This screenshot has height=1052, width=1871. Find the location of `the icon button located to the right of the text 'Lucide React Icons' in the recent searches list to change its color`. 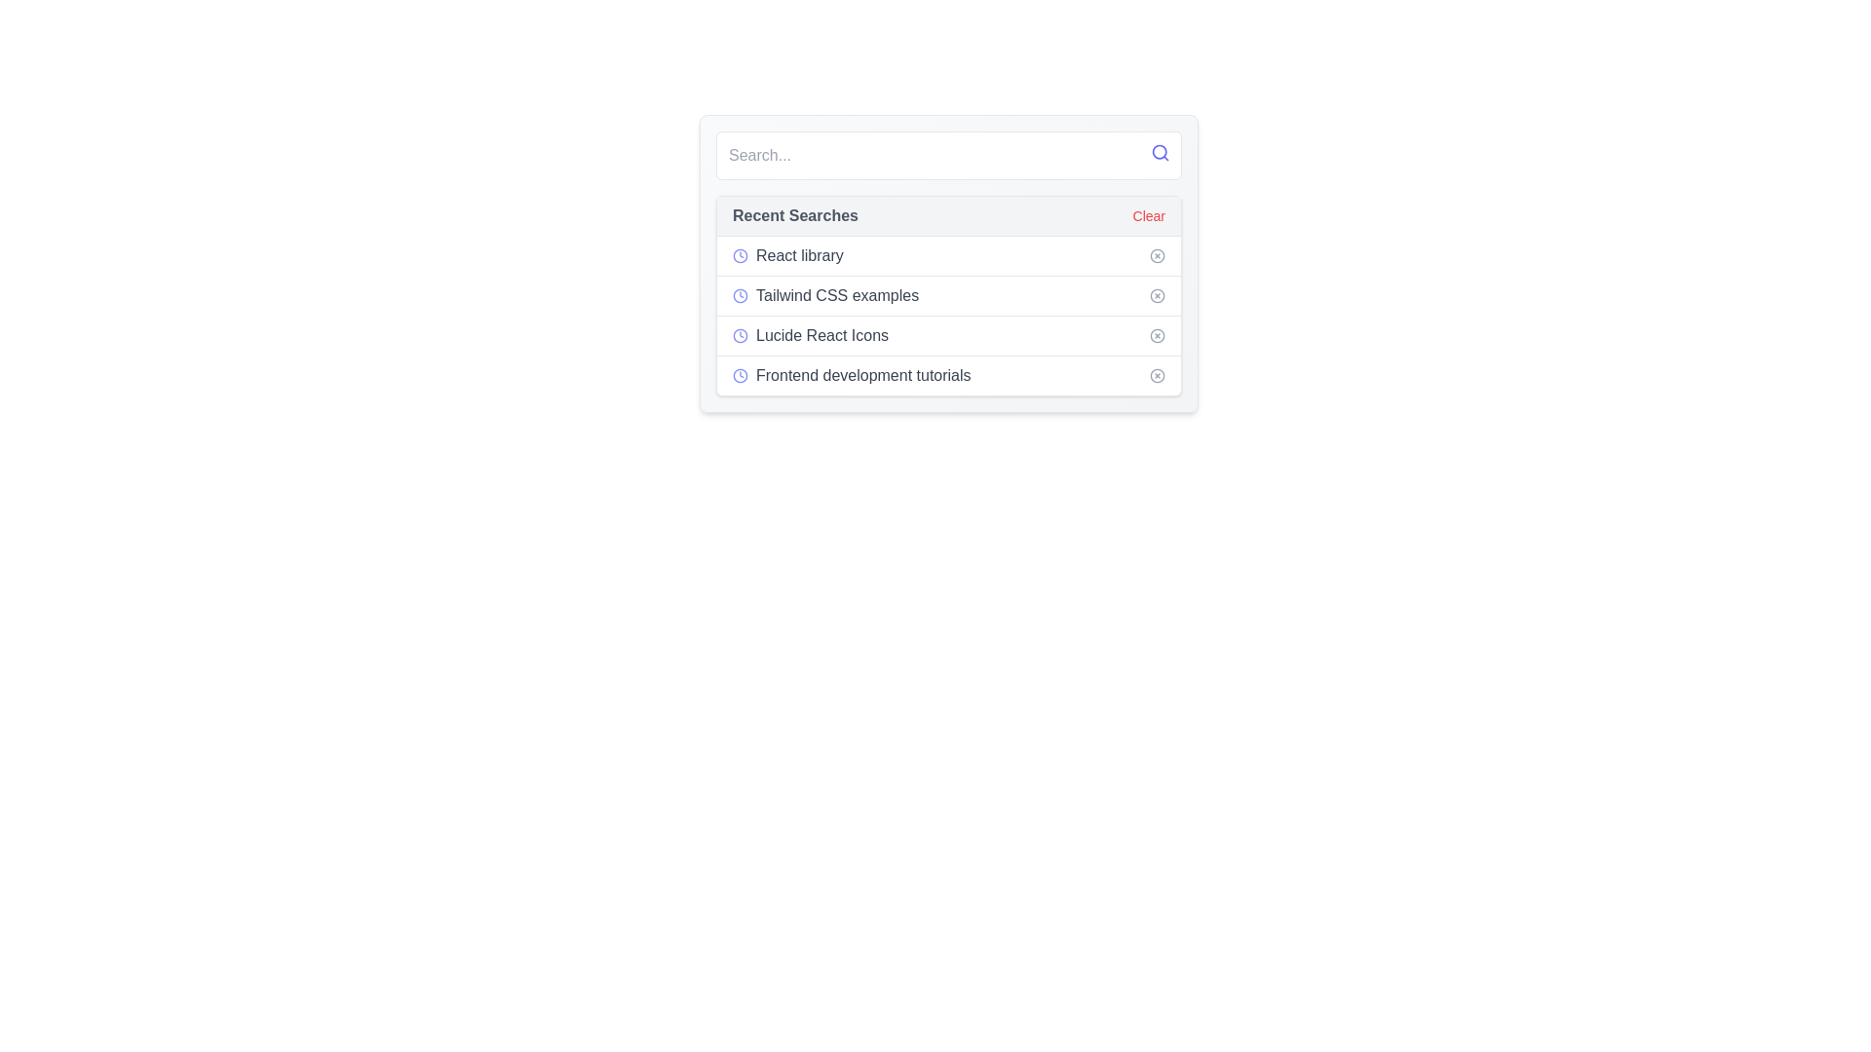

the icon button located to the right of the text 'Lucide React Icons' in the recent searches list to change its color is located at coordinates (1158, 334).